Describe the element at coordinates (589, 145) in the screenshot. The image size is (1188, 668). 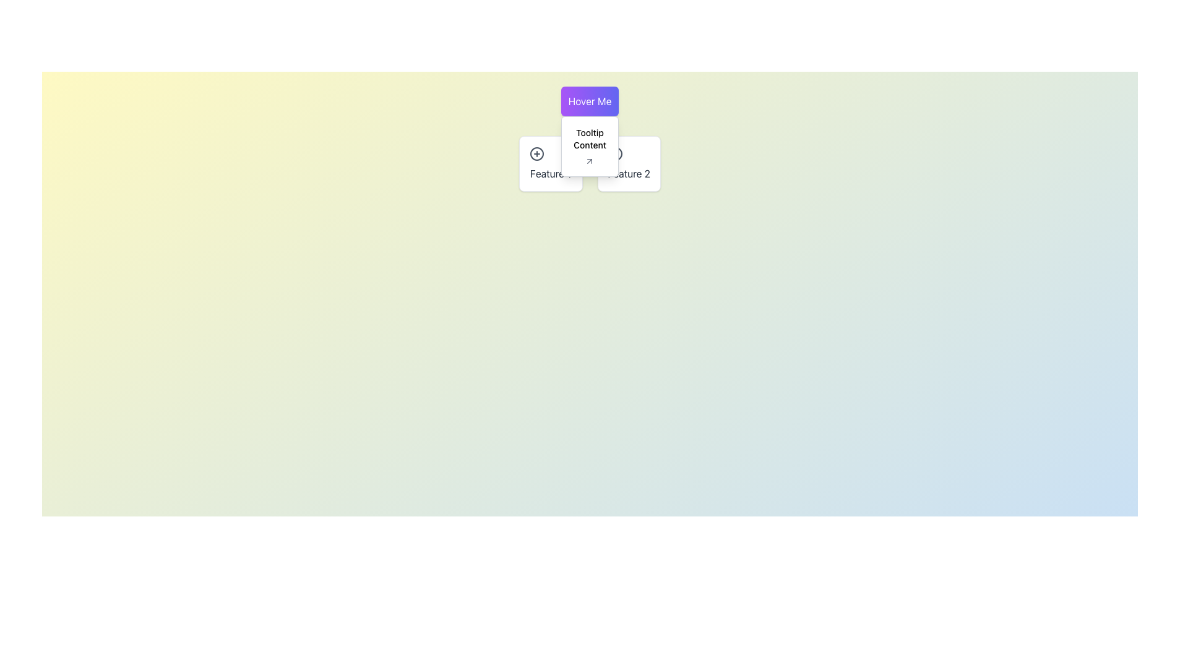
I see `the tooltip with white background and gray border containing the text 'Tooltip Content' and an upward pointing arrow icon, located below the 'Hover Me' button` at that location.